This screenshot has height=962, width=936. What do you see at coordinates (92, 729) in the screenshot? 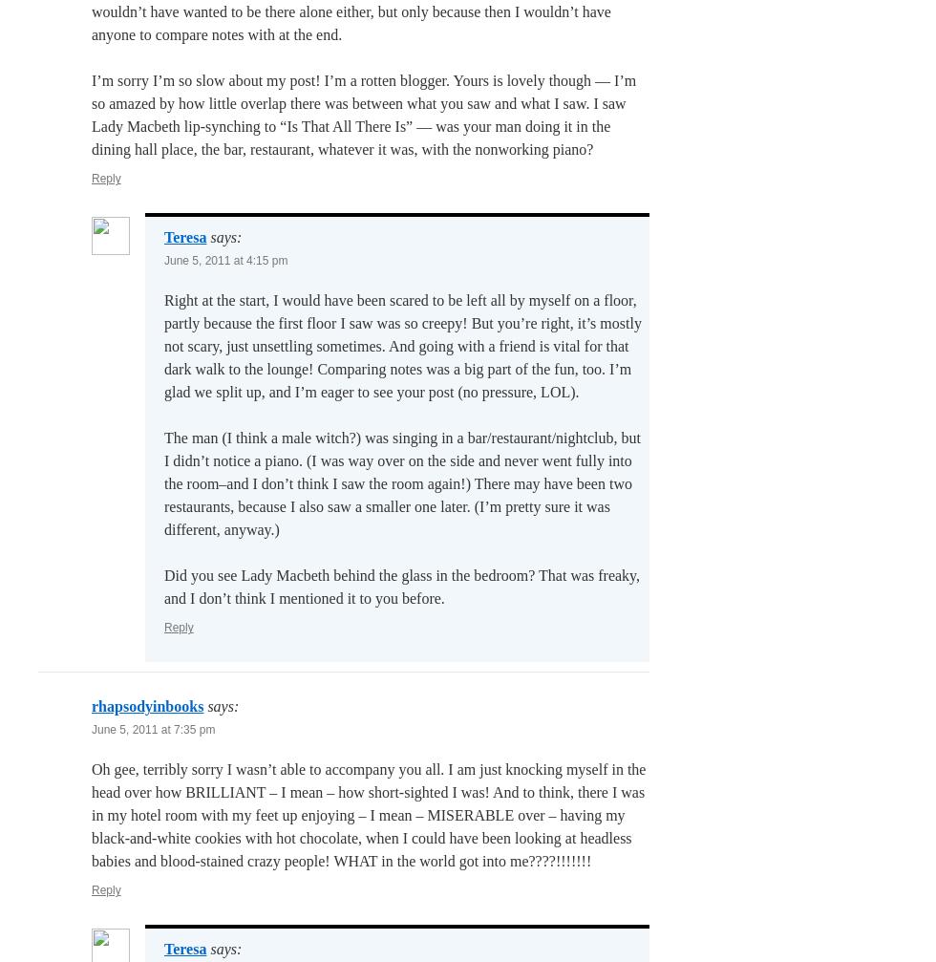
I see `'June 5, 2011 at 7:35 pm'` at bounding box center [92, 729].